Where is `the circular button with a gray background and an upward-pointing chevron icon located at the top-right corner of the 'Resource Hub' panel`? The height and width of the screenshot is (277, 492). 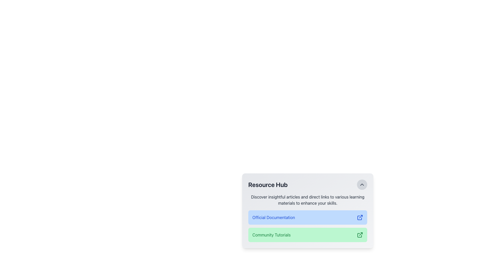 the circular button with a gray background and an upward-pointing chevron icon located at the top-right corner of the 'Resource Hub' panel is located at coordinates (362, 185).